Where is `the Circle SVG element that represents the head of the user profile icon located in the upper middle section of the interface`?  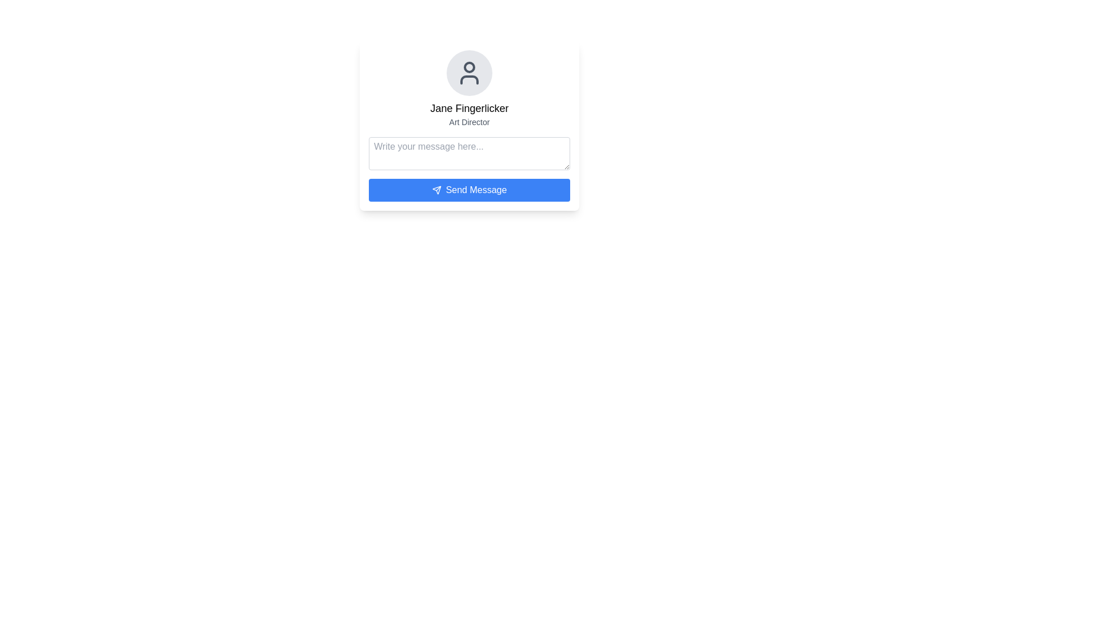
the Circle SVG element that represents the head of the user profile icon located in the upper middle section of the interface is located at coordinates (469, 67).